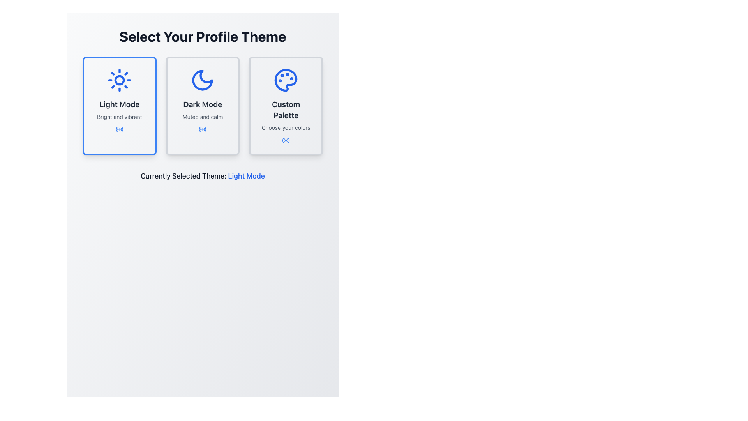 The height and width of the screenshot is (421, 748). What do you see at coordinates (205, 129) in the screenshot?
I see `outermost circular arc of the SVG graphic representing the 'Dark Mode' toggle option in the second card of the profile themes` at bounding box center [205, 129].